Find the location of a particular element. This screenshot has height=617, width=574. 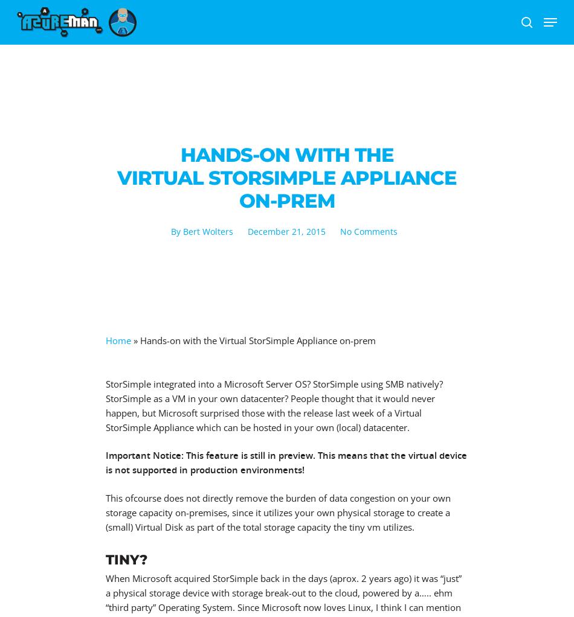

'Tiny?' is located at coordinates (105, 559).